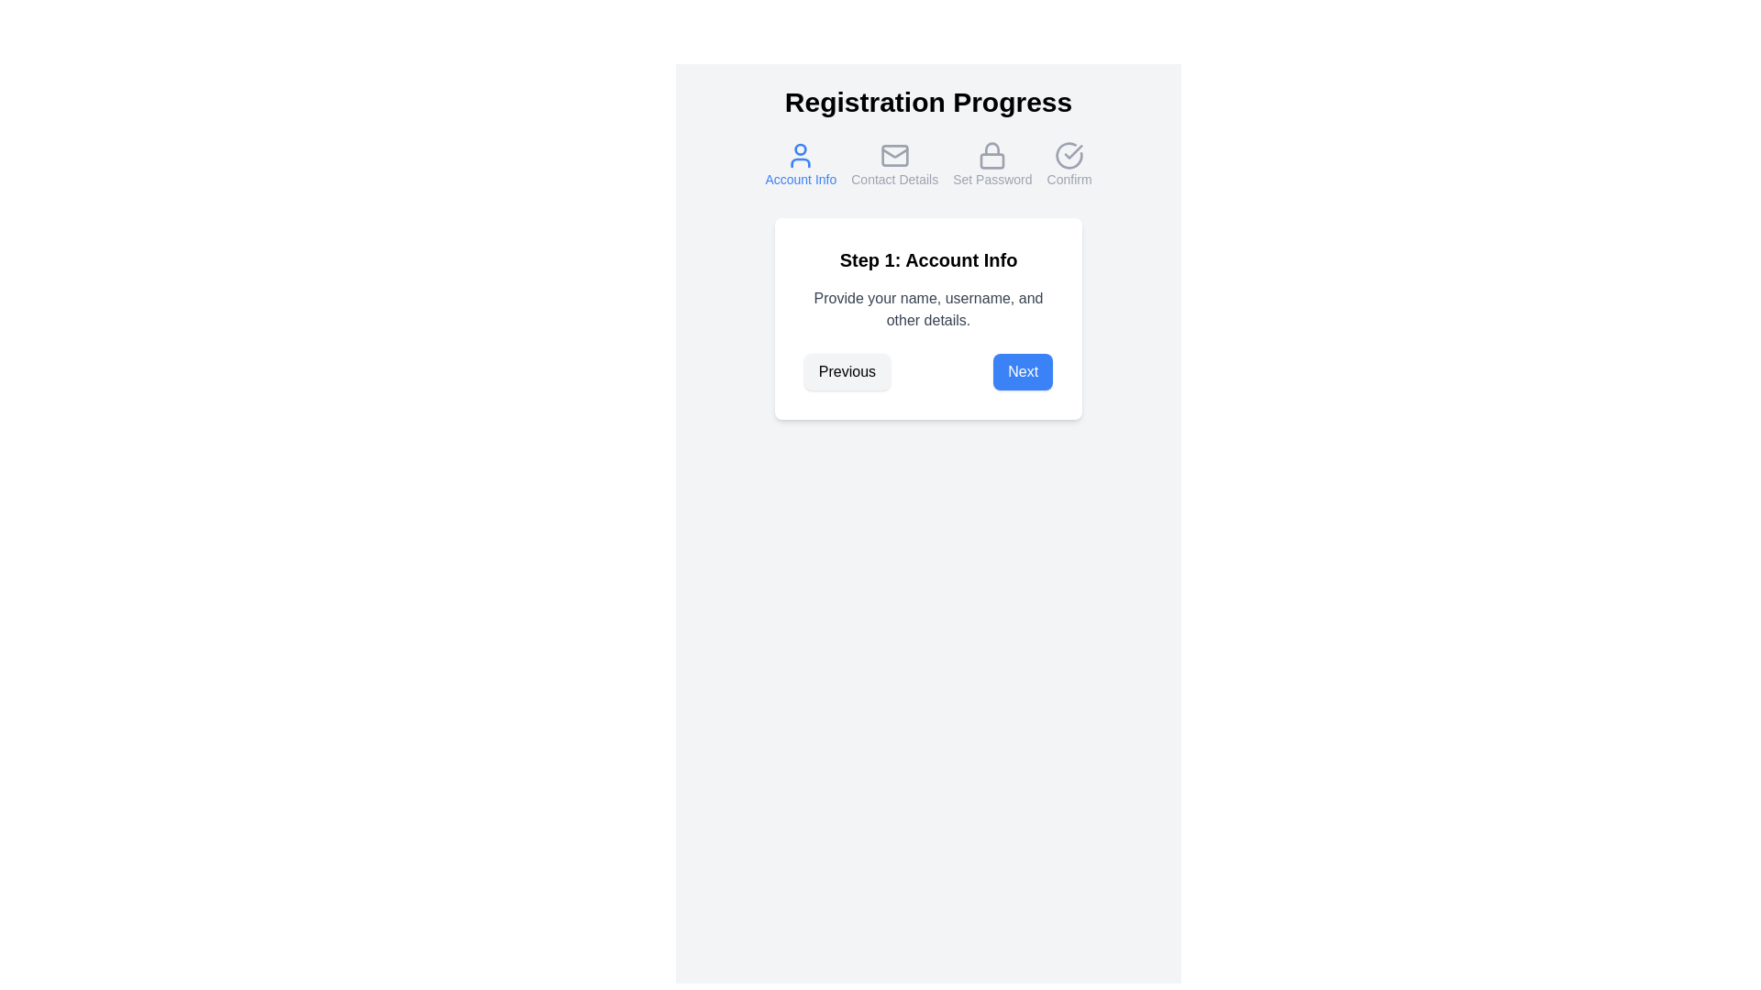 This screenshot has height=990, width=1761. What do you see at coordinates (991, 160) in the screenshot?
I see `the decorative graphical component that represents the locked state in the 'Set Password' step of the registration progress, located at the center of the lock-shaped icon` at bounding box center [991, 160].